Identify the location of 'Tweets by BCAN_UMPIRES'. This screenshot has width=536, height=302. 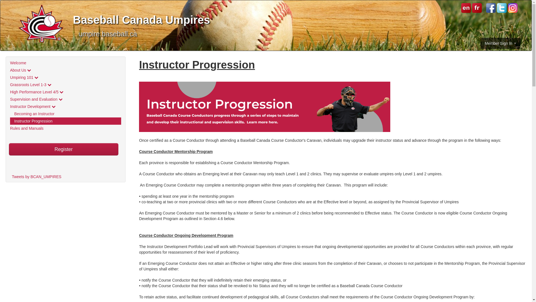
(36, 177).